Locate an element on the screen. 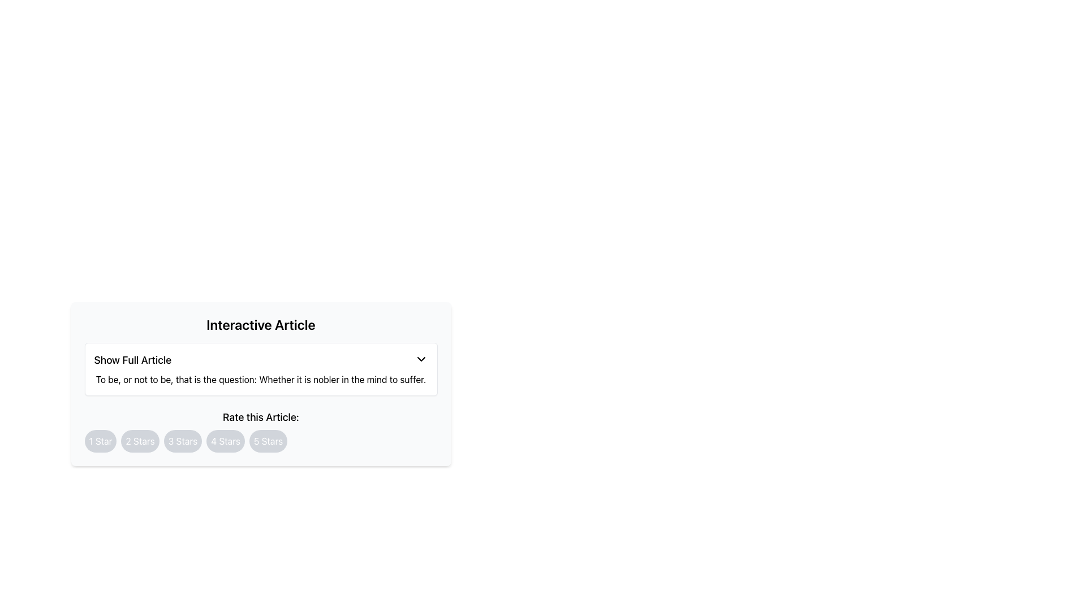 The height and width of the screenshot is (611, 1086). the 1 Star rating button located beneath the 'Rate this Article:' section in the 'Interactive Article' box is located at coordinates (100, 440).